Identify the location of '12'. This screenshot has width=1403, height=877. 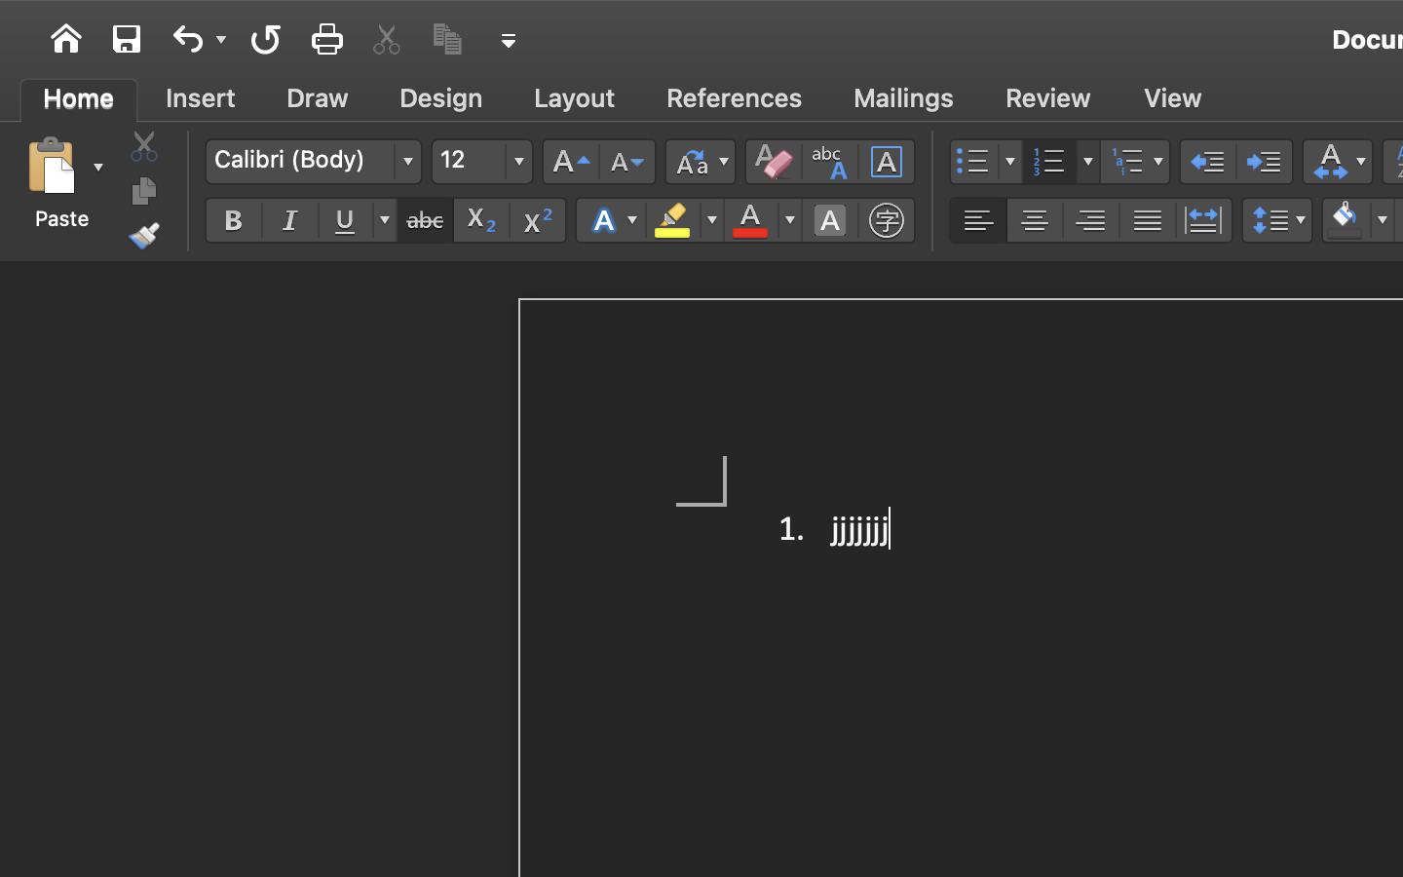
(481, 161).